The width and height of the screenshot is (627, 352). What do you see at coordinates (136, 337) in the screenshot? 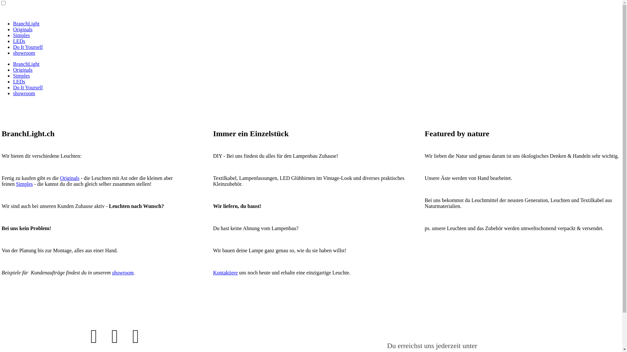
I see `'E-Mail'` at bounding box center [136, 337].